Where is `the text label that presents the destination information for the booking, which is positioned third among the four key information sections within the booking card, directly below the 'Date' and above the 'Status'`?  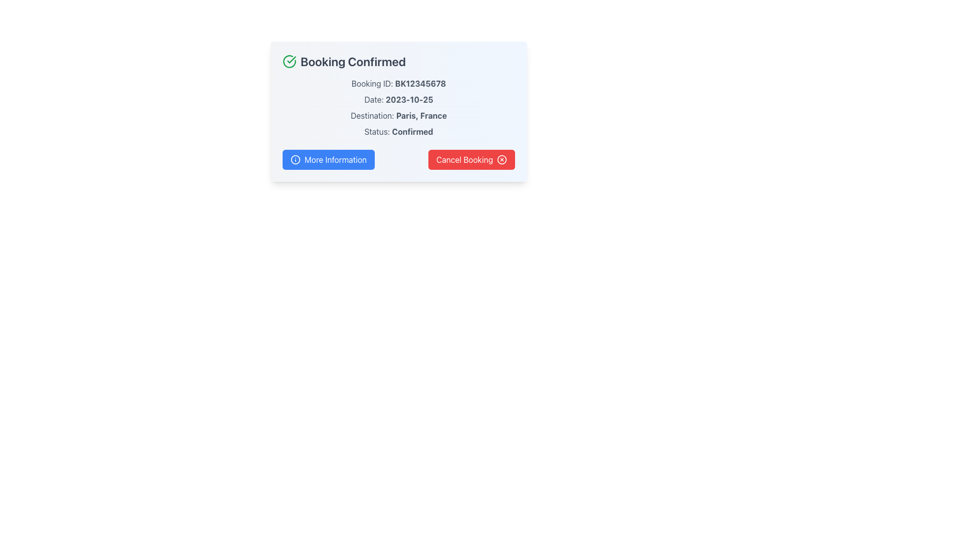
the text label that presents the destination information for the booking, which is positioned third among the four key information sections within the booking card, directly below the 'Date' and above the 'Status' is located at coordinates (398, 115).